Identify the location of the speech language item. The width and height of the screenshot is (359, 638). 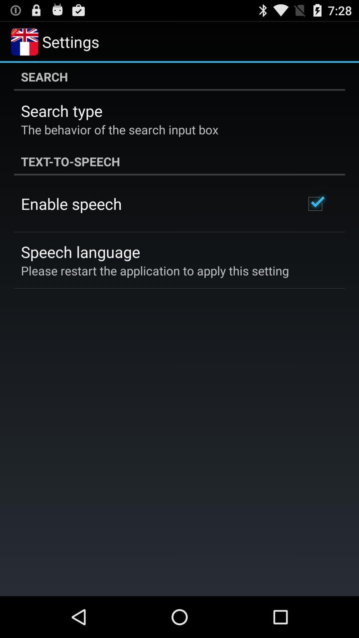
(80, 251).